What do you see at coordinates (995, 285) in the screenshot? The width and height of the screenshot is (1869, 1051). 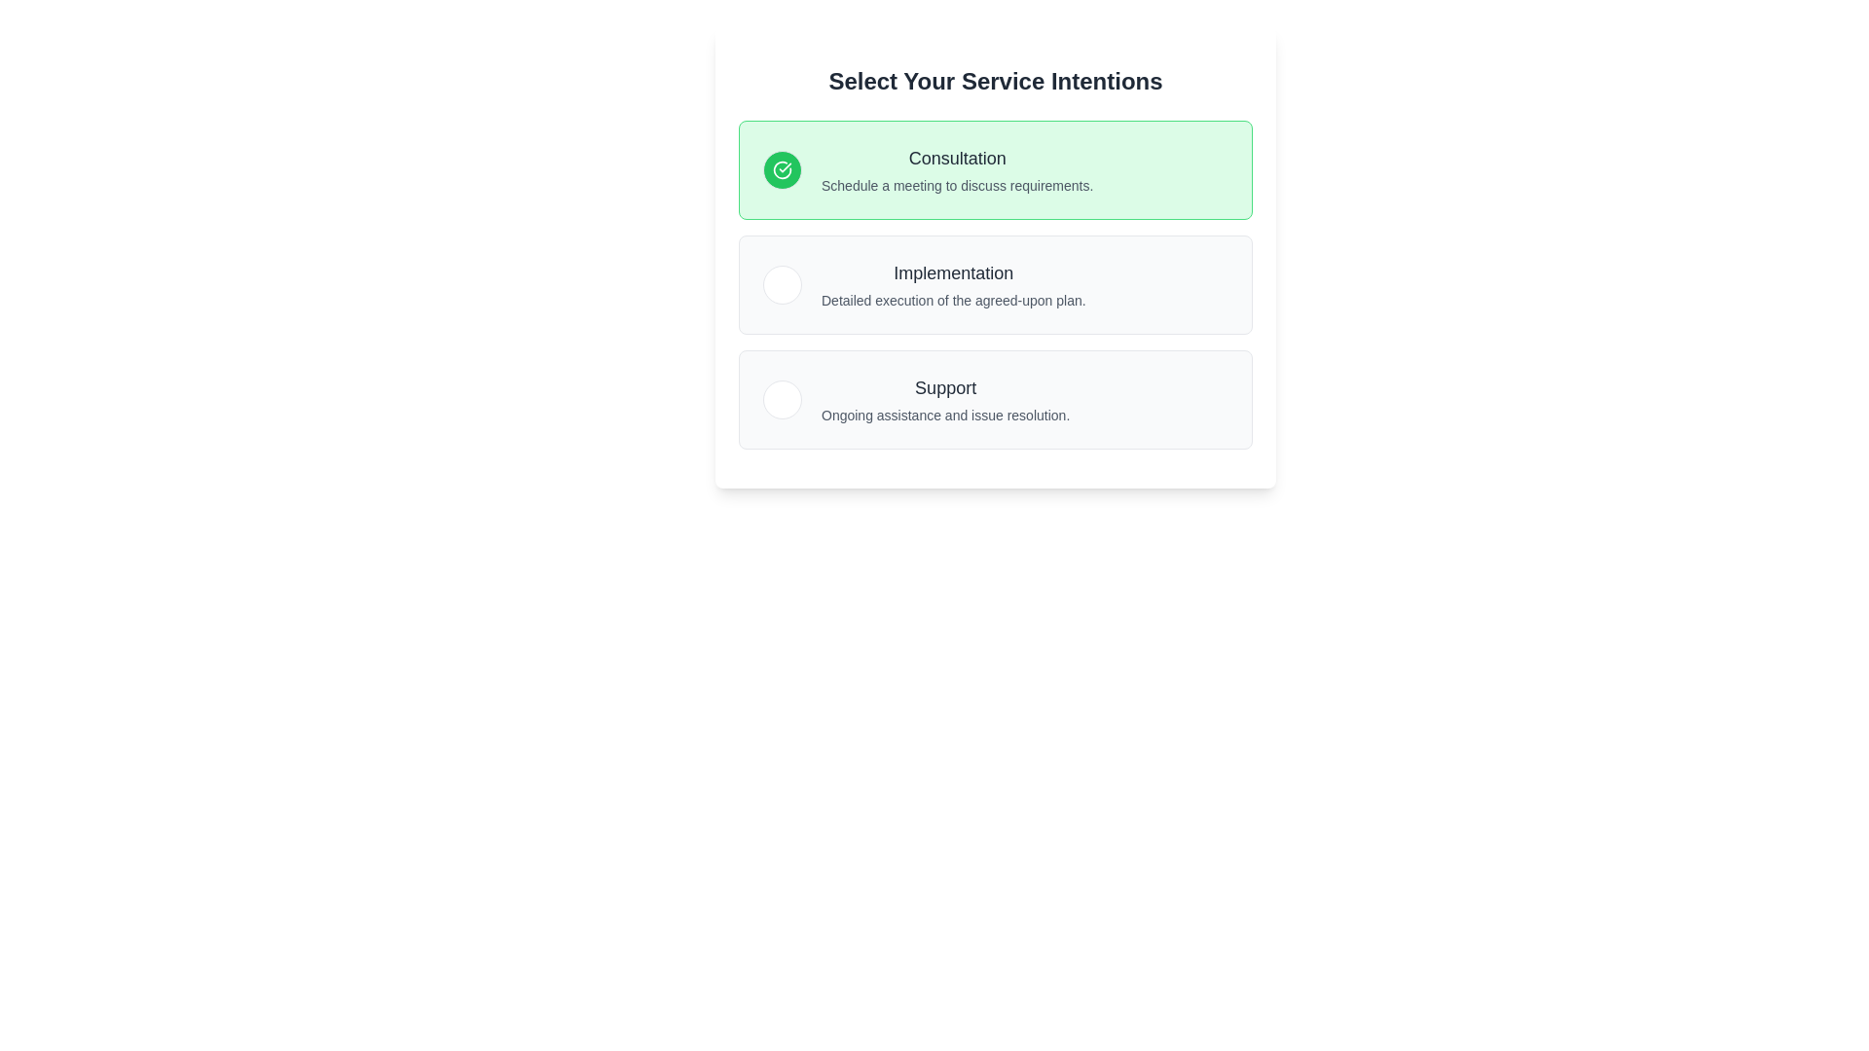 I see `the 'Implementation' option section, which includes a radio button and descriptive text` at bounding box center [995, 285].